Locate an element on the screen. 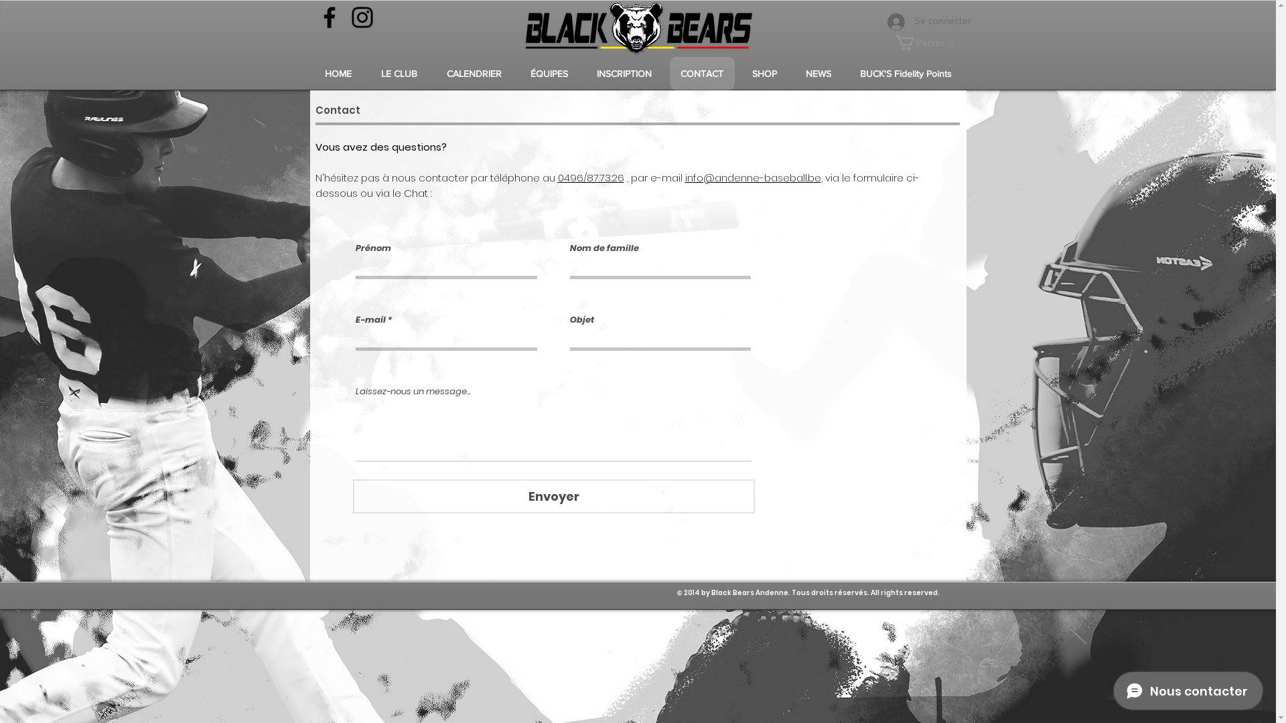  '0496/87.73.26' is located at coordinates (589, 177).